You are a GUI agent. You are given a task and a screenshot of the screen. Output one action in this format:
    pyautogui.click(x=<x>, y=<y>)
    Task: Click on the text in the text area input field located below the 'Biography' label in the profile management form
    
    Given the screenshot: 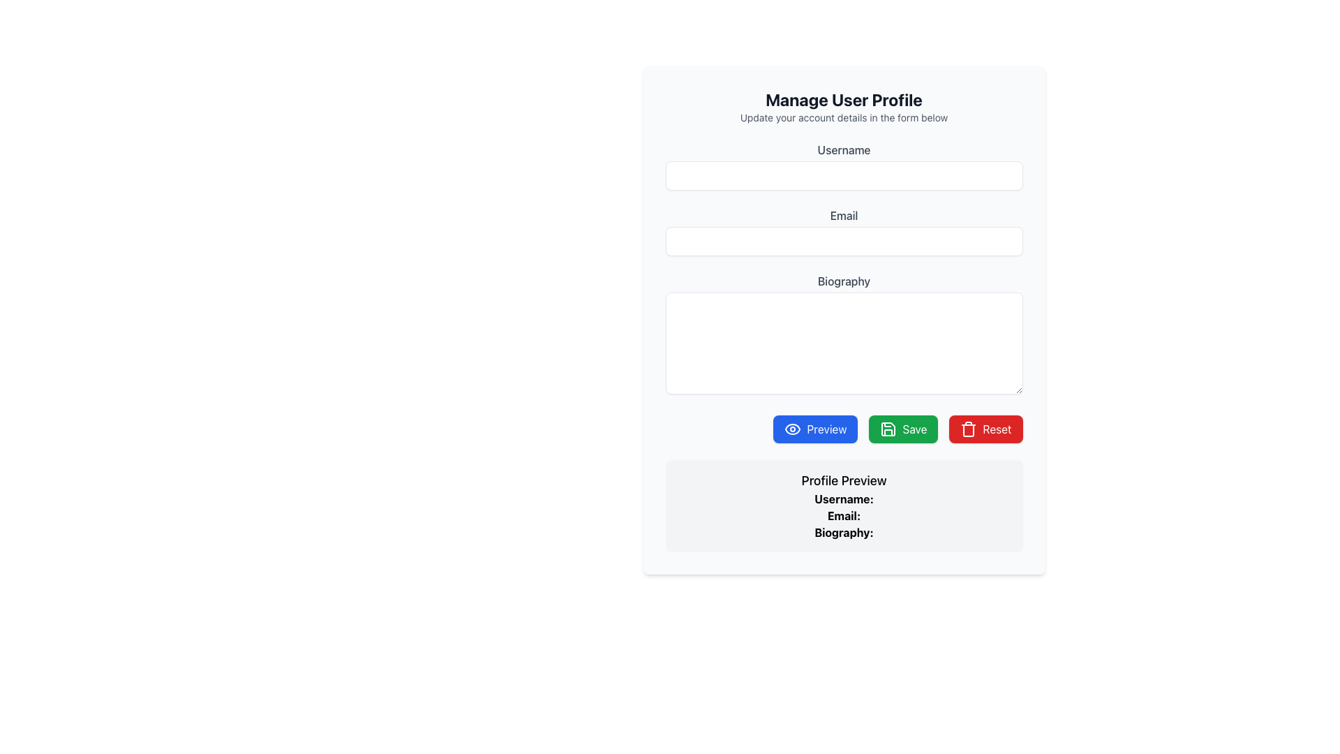 What is the action you would take?
    pyautogui.click(x=843, y=343)
    